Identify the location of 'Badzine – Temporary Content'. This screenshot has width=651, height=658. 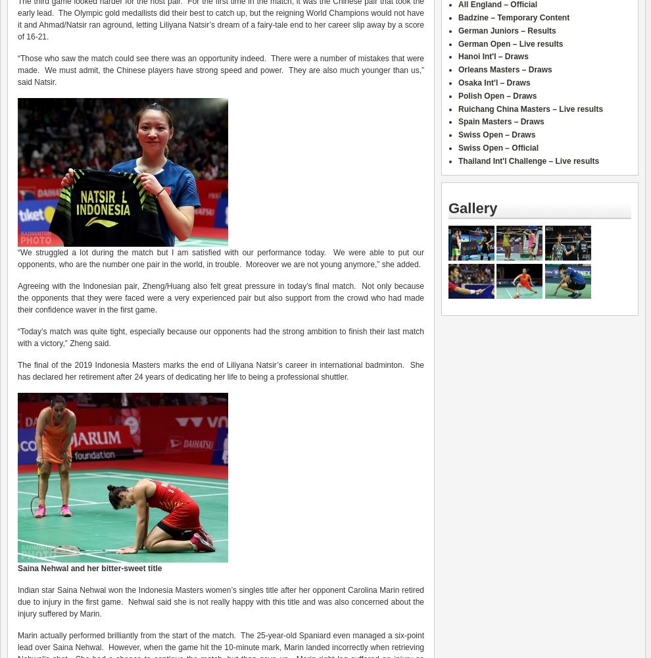
(514, 17).